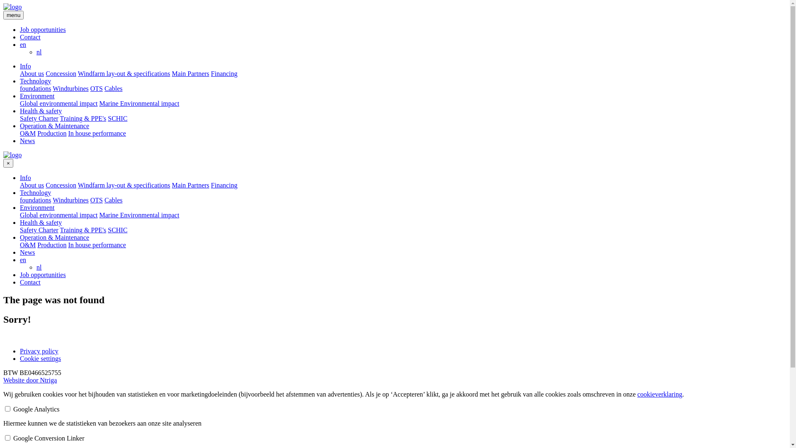  I want to click on 'Technology', so click(35, 192).